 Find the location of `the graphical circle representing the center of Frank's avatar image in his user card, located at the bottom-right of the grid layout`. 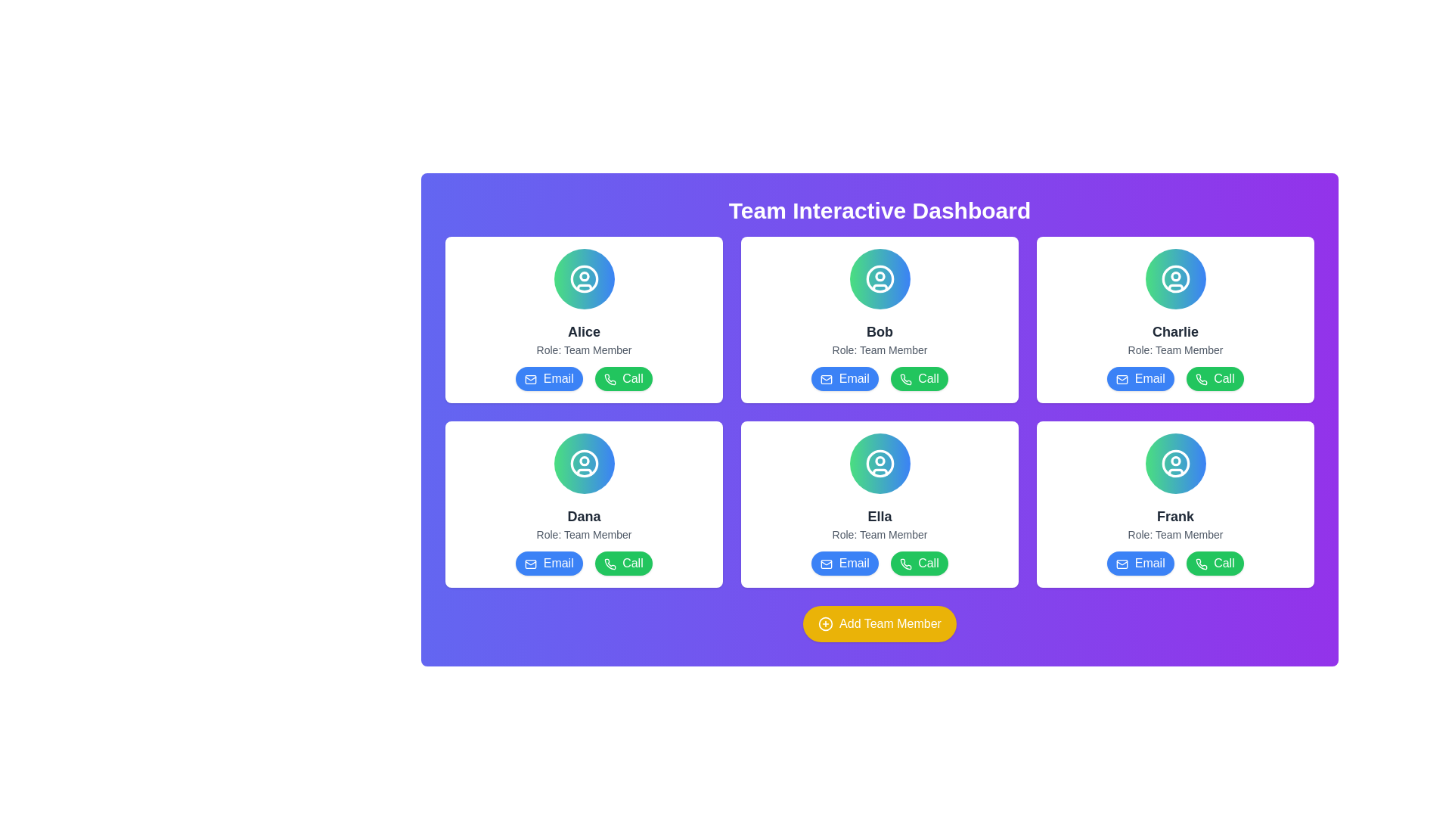

the graphical circle representing the center of Frank's avatar image in his user card, located at the bottom-right of the grid layout is located at coordinates (1174, 460).